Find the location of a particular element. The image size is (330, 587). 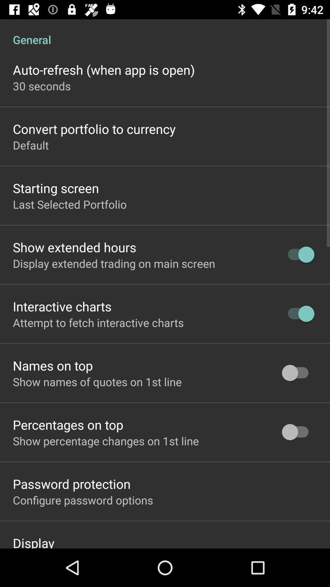

item above interactive charts item is located at coordinates (114, 263).